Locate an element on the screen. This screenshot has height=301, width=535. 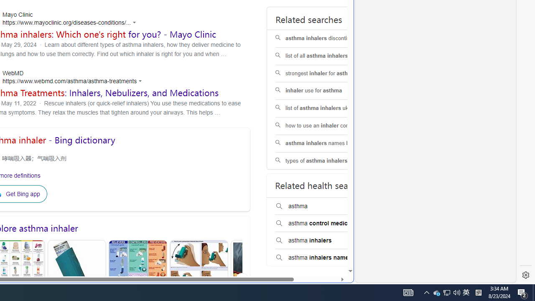
'asthma inhalers discontinued' is located at coordinates (328, 38).